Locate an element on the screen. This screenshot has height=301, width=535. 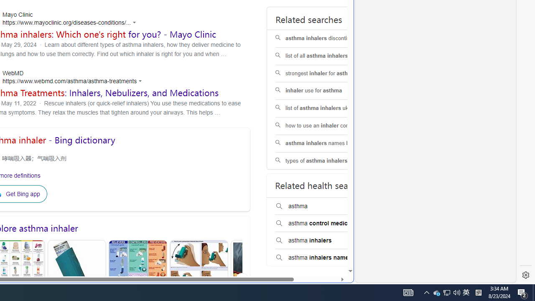
'asthma inhalers discontinued' is located at coordinates (328, 38).